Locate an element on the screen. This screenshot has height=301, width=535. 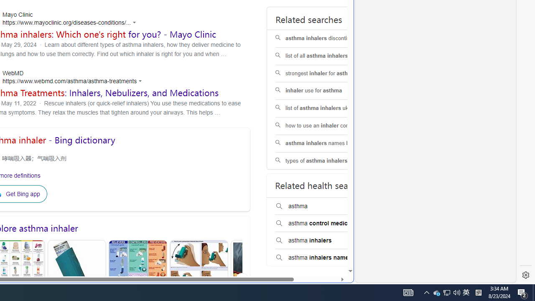
'asthma inhalers discontinued' is located at coordinates (328, 38).